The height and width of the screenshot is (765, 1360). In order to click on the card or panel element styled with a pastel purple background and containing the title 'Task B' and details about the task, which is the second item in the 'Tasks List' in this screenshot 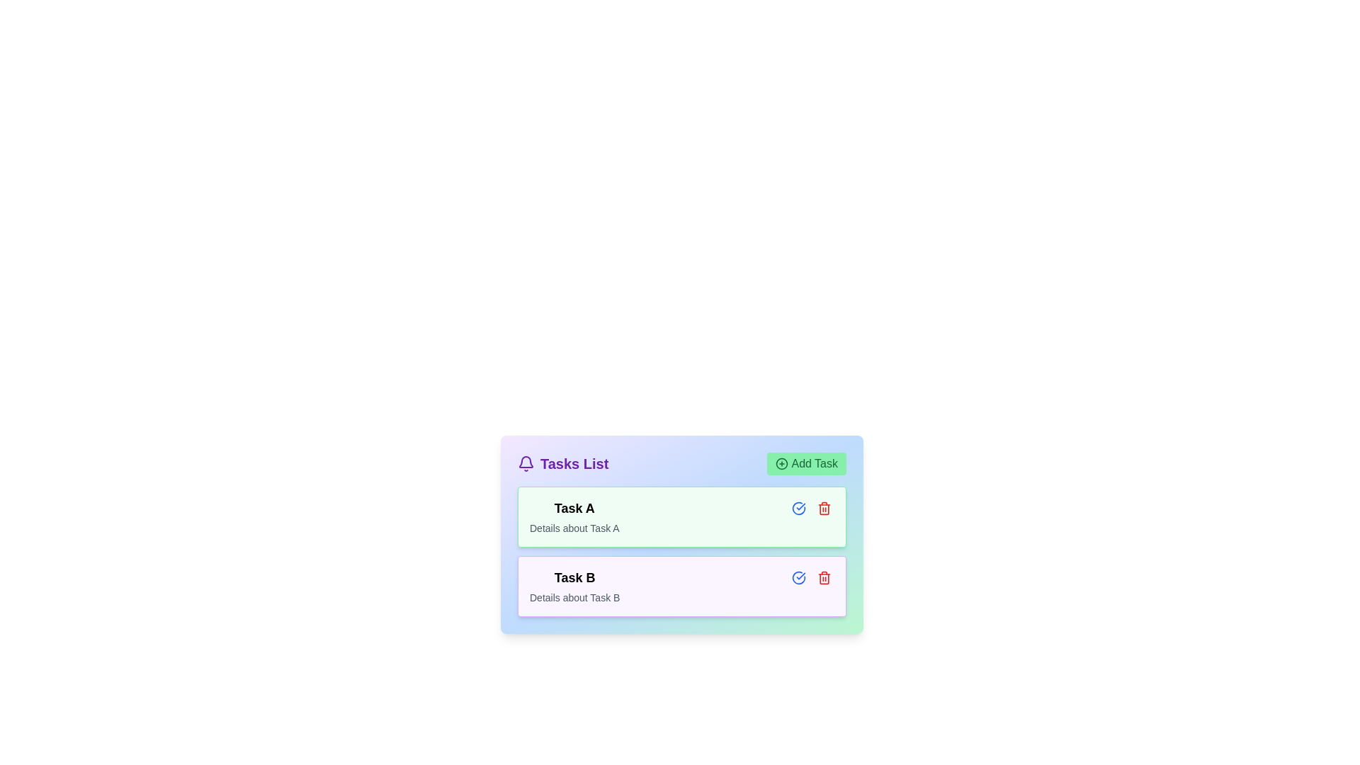, I will do `click(682, 591)`.